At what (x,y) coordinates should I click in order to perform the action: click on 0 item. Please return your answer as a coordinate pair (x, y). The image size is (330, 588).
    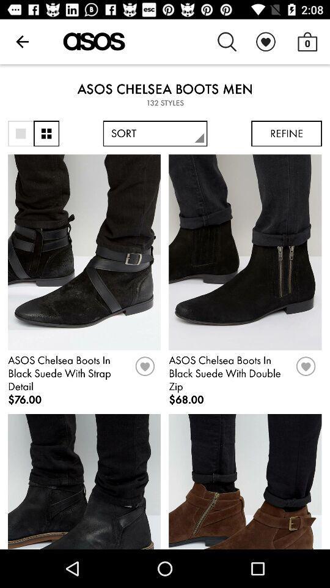
    Looking at the image, I should click on (307, 42).